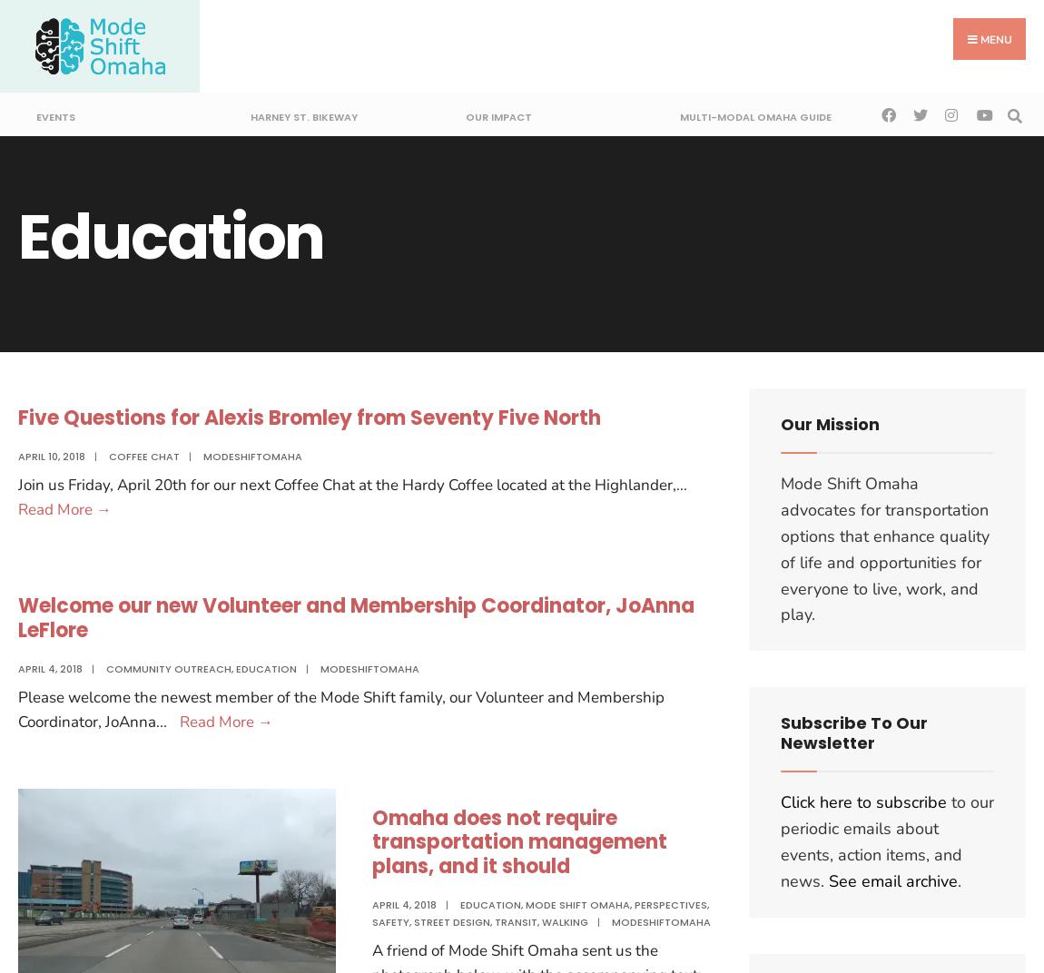 The image size is (1044, 973). Describe the element at coordinates (576, 903) in the screenshot. I see `'Mode Shift Omaha'` at that location.